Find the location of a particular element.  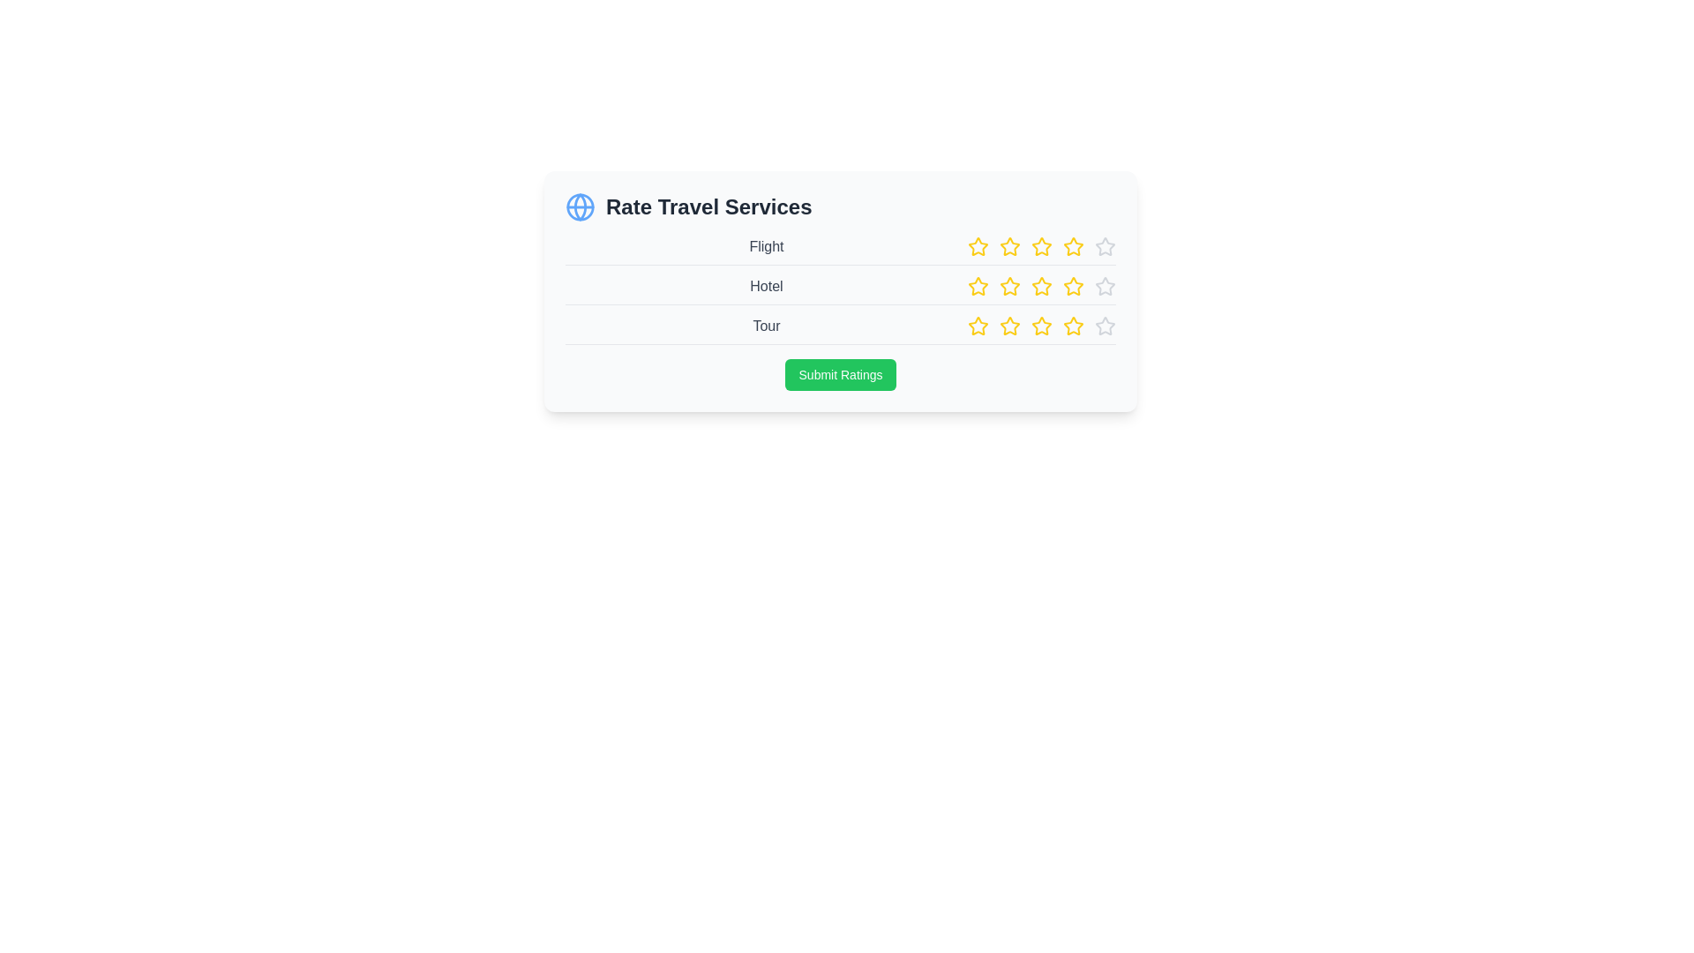

the third star rating button in the 'Tour' category is located at coordinates (1010, 326).